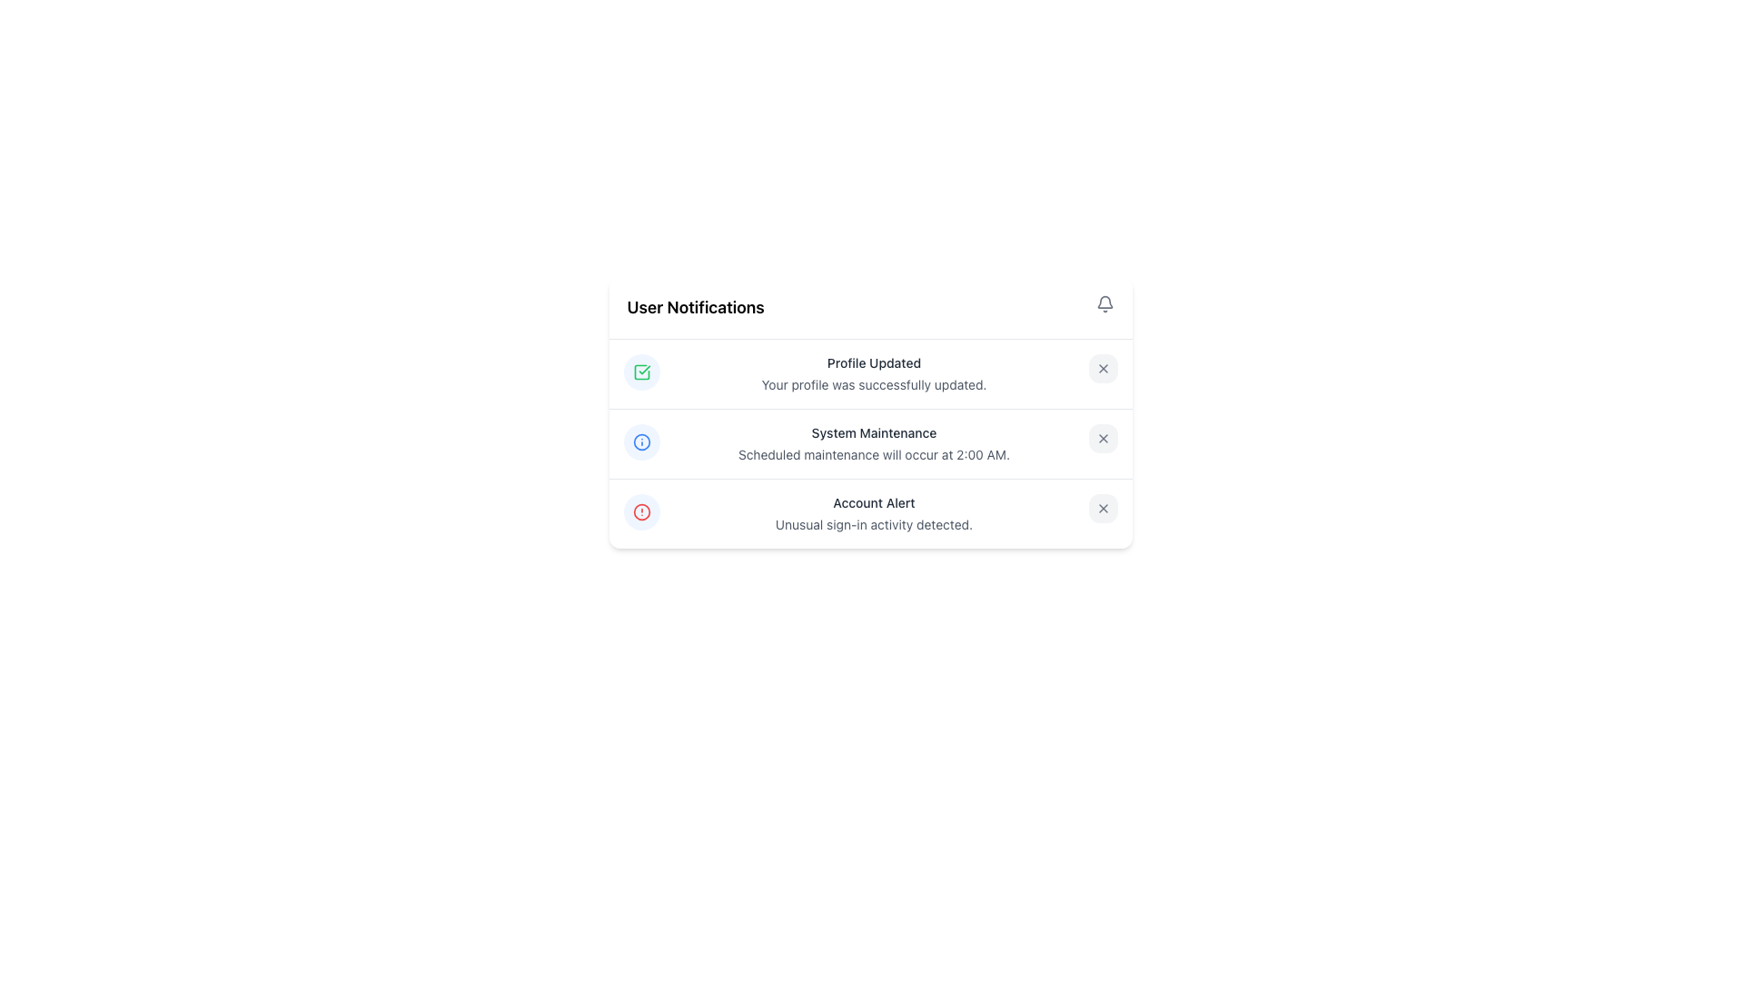 Image resolution: width=1744 pixels, height=981 pixels. Describe the element at coordinates (1102, 438) in the screenshot. I see `the close button for the 'System Maintenance' notification` at that location.